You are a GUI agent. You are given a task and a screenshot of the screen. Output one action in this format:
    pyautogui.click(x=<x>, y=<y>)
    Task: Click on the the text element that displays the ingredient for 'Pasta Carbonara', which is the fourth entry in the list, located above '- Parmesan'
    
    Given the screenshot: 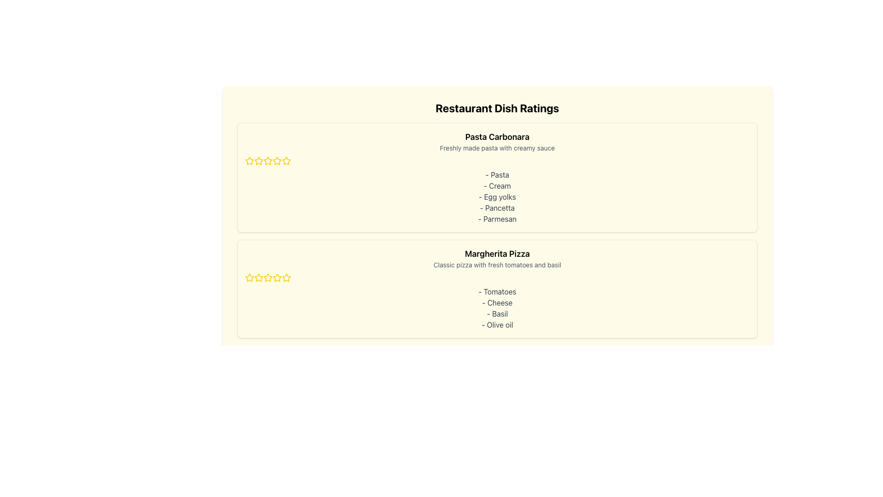 What is the action you would take?
    pyautogui.click(x=497, y=208)
    